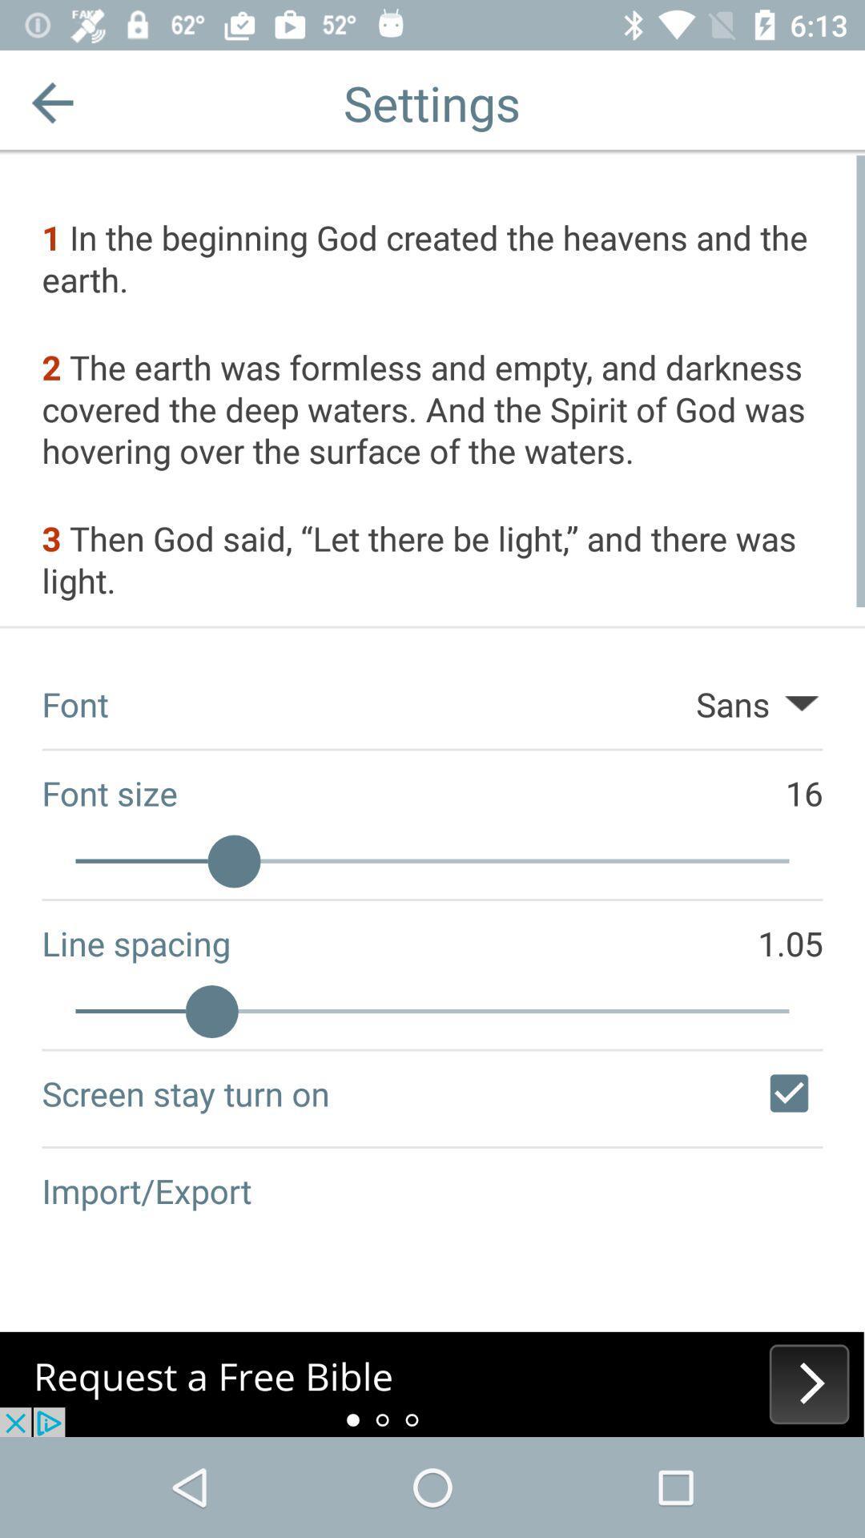 The image size is (865, 1538). What do you see at coordinates (51, 102) in the screenshot?
I see `the arrow_backward icon` at bounding box center [51, 102].